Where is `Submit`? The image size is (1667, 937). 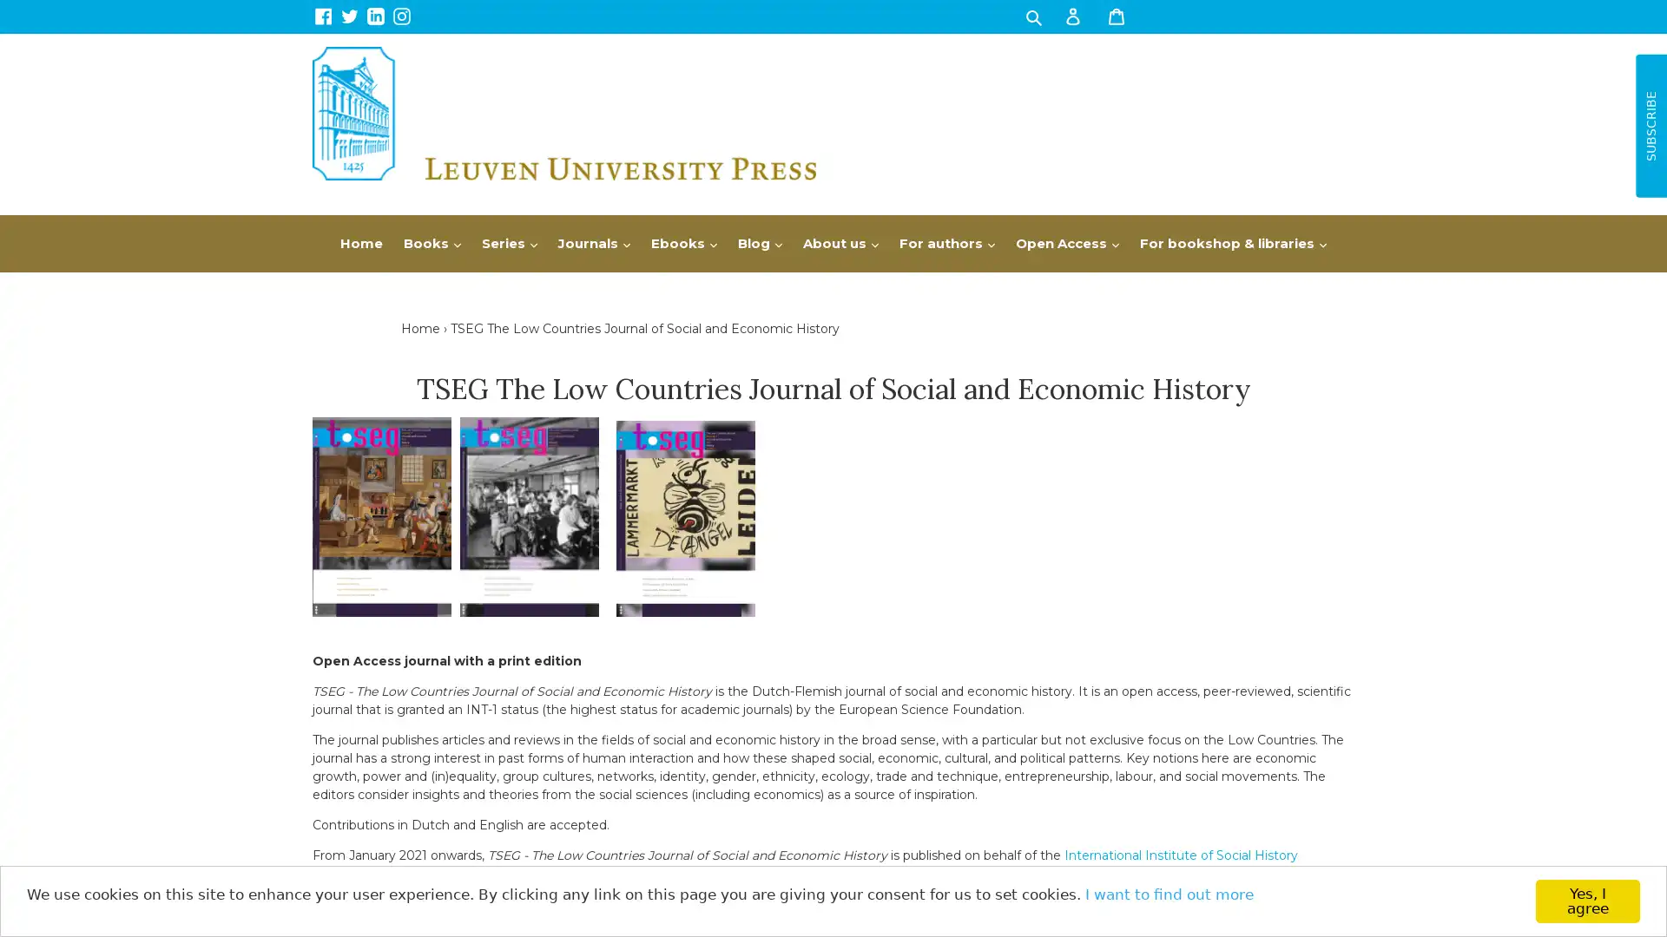
Submit is located at coordinates (1031, 16).